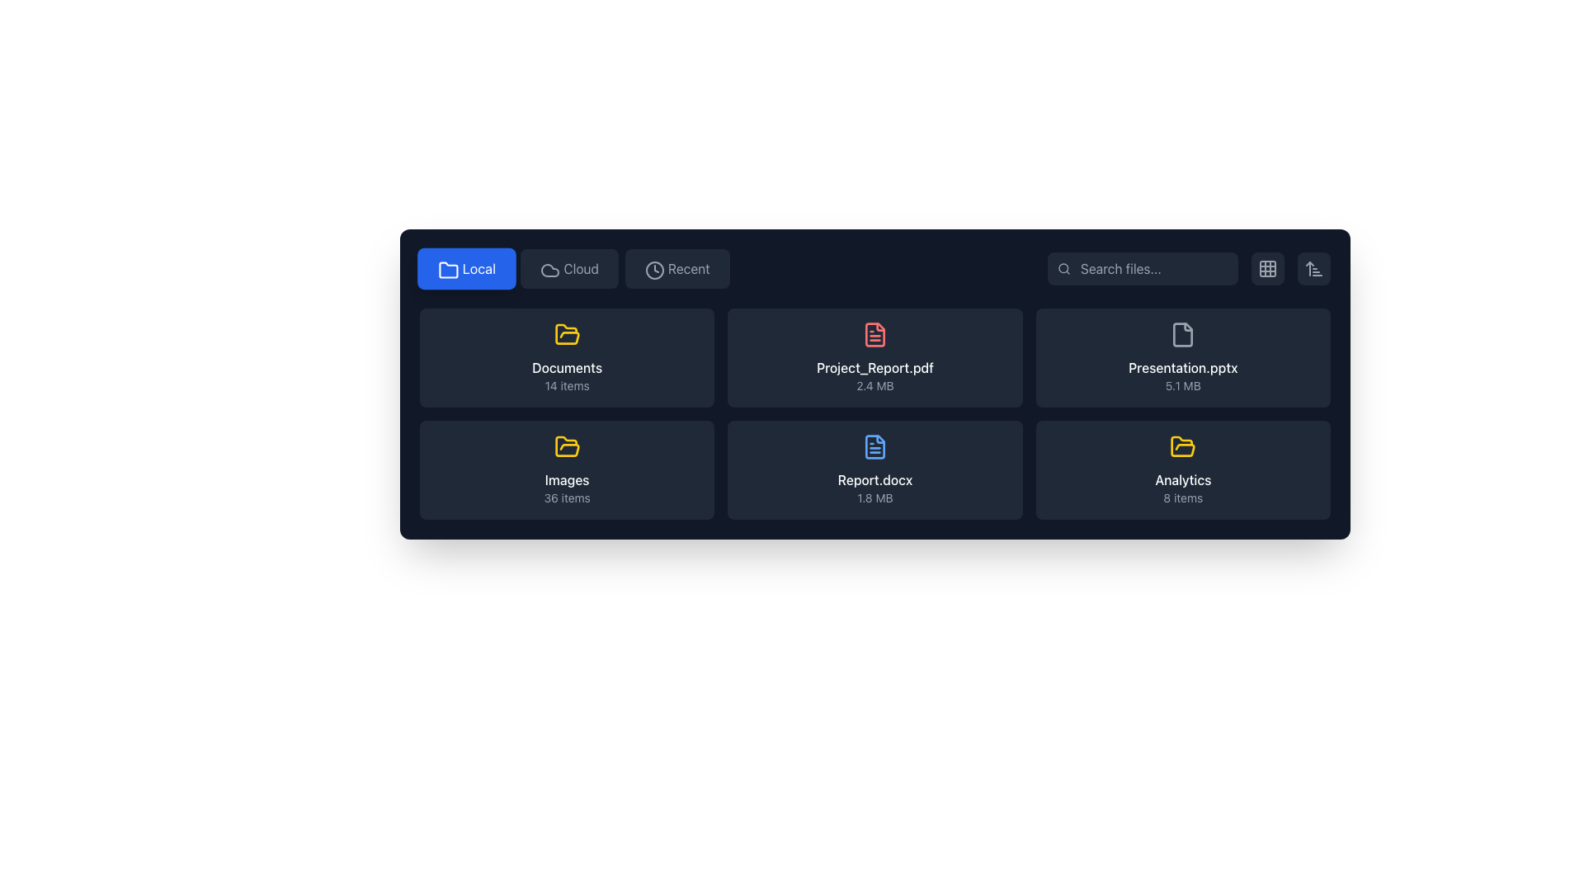 The width and height of the screenshot is (1584, 891). What do you see at coordinates (874, 447) in the screenshot?
I see `the blue-colored file icon resembling a document, located next to 'Project_Report.pdf' in the grid layout` at bounding box center [874, 447].